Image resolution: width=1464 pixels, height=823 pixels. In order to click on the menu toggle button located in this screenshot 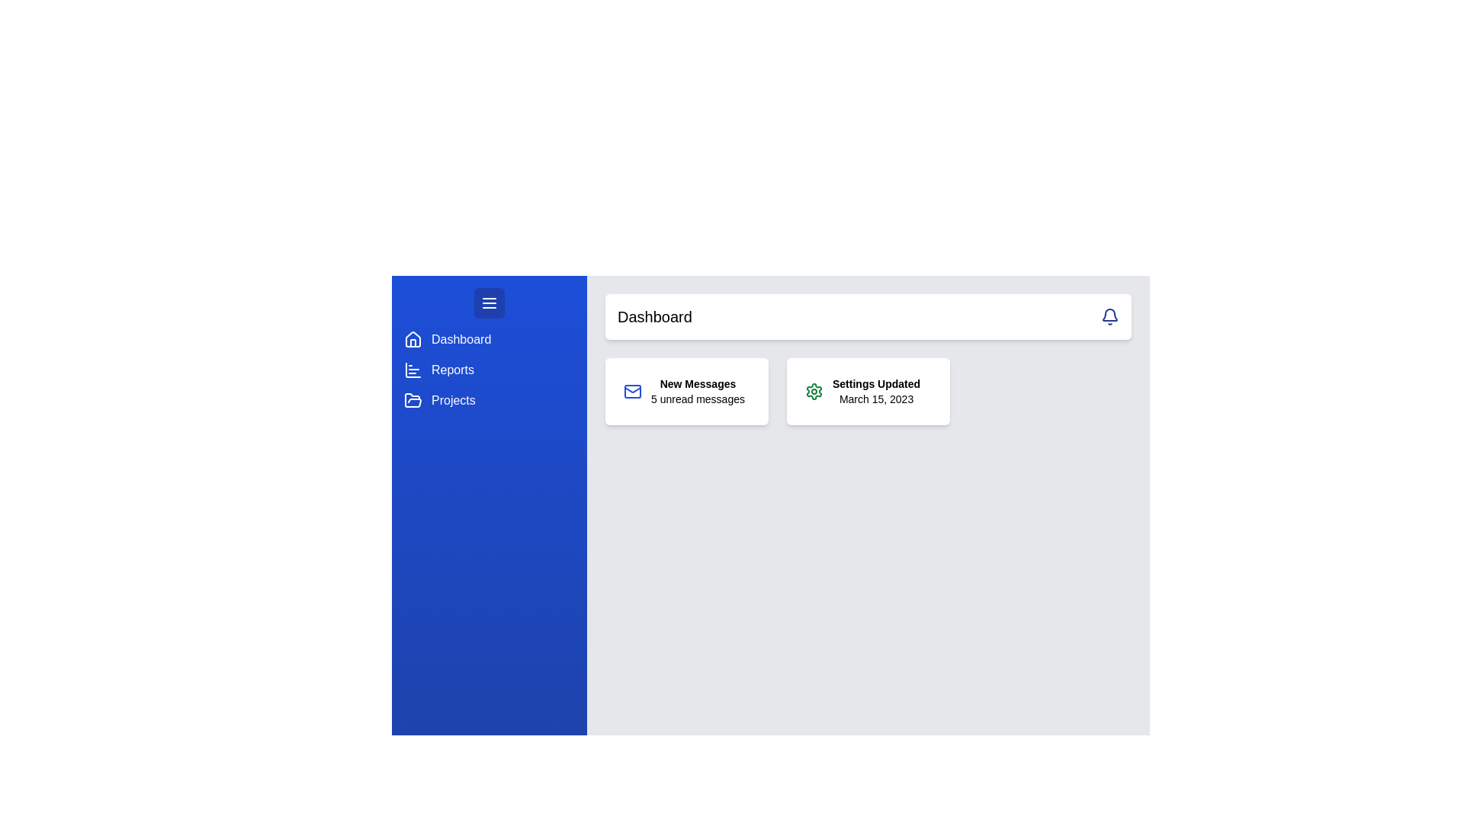, I will do `click(490, 303)`.